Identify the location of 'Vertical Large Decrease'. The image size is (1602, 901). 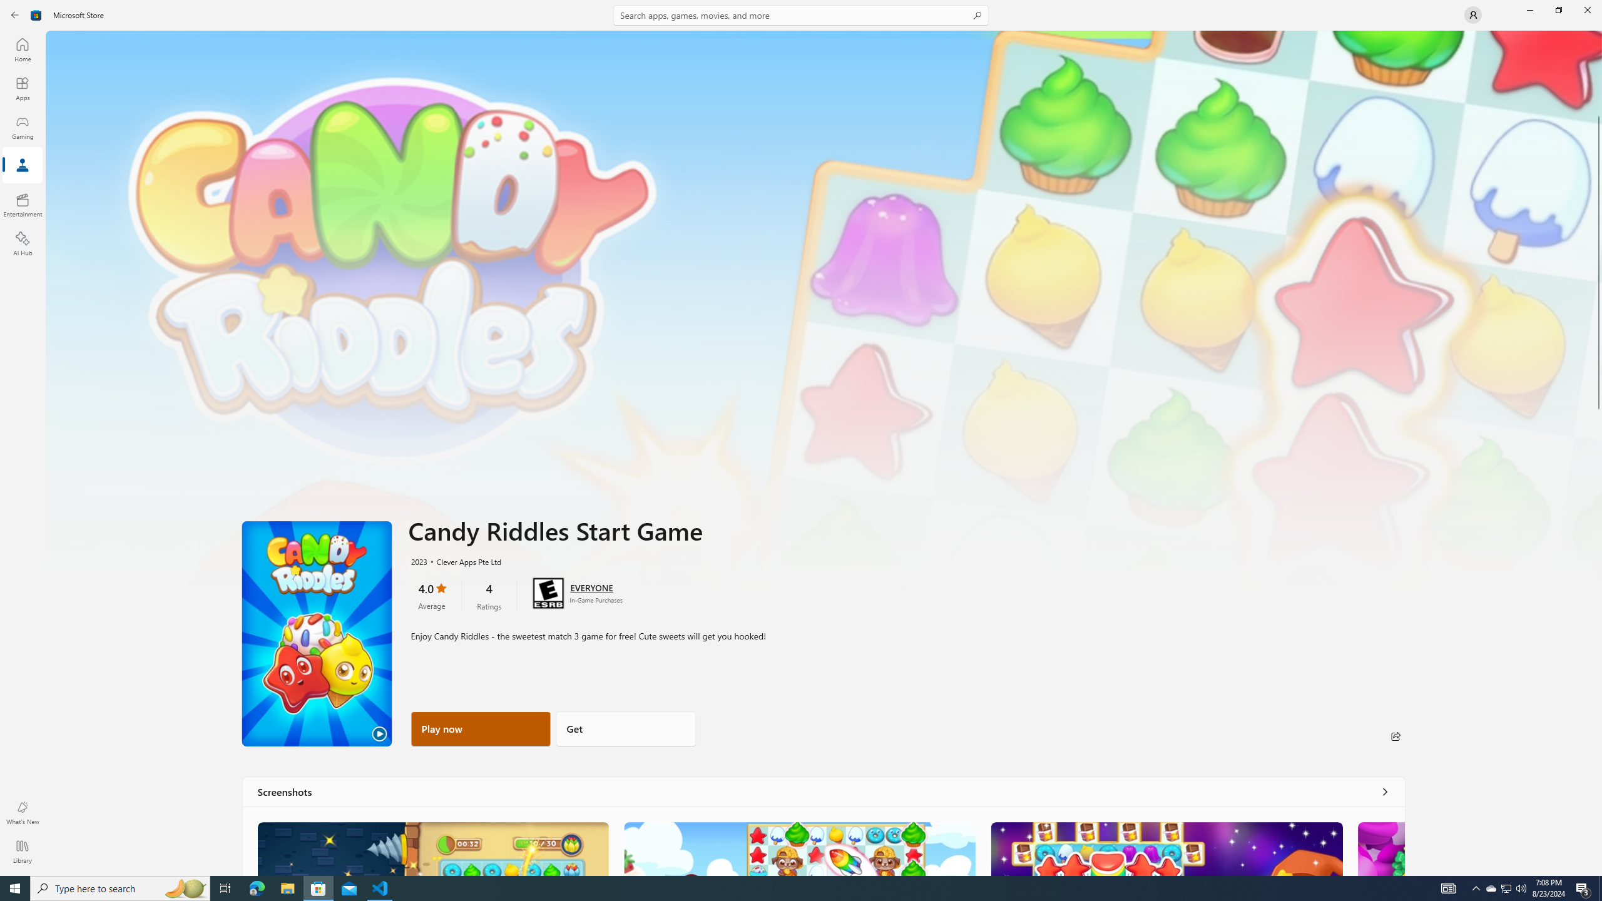
(1597, 75).